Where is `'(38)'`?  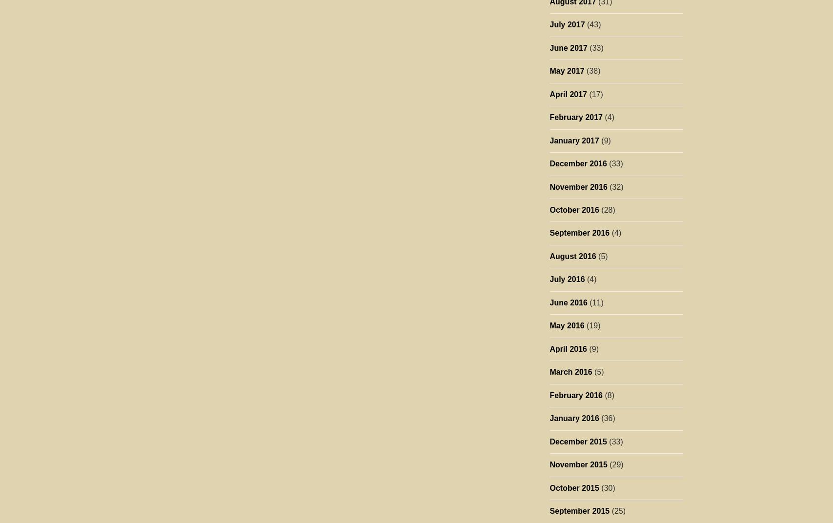
'(38)' is located at coordinates (591, 70).